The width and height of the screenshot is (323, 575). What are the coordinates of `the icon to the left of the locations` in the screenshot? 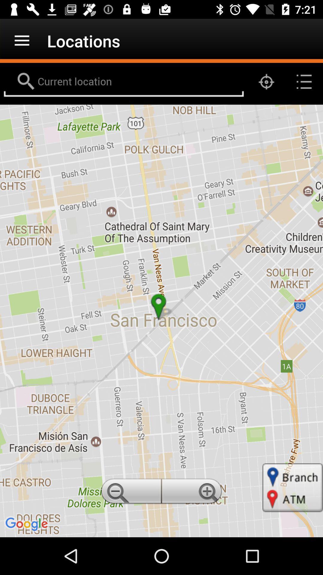 It's located at (22, 40).